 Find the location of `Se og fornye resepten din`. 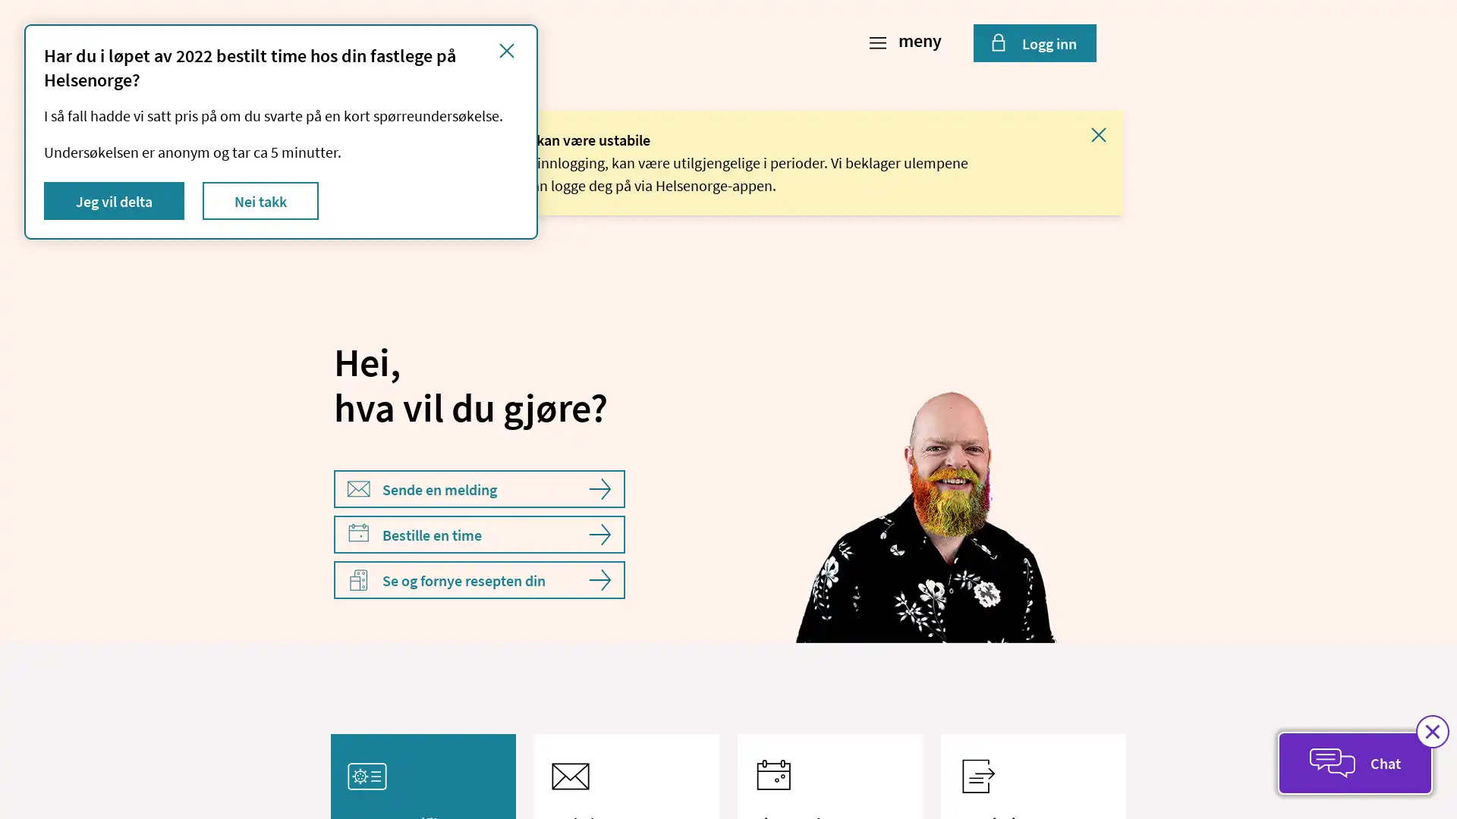

Se og fornye resepten din is located at coordinates (479, 579).